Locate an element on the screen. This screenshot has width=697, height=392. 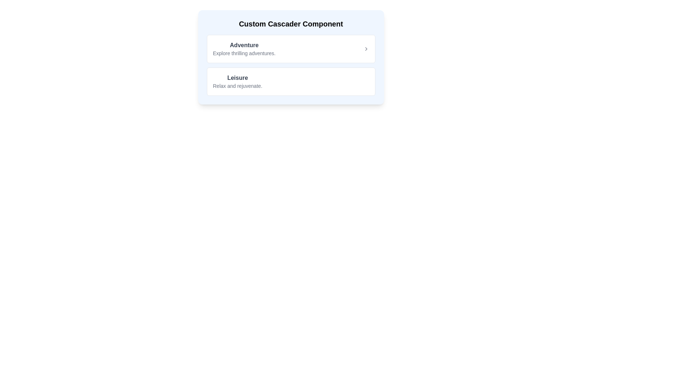
text displayed in the bold, extra-large 'Custom Cascader Component' text block at the top of the centered card is located at coordinates (291, 23).